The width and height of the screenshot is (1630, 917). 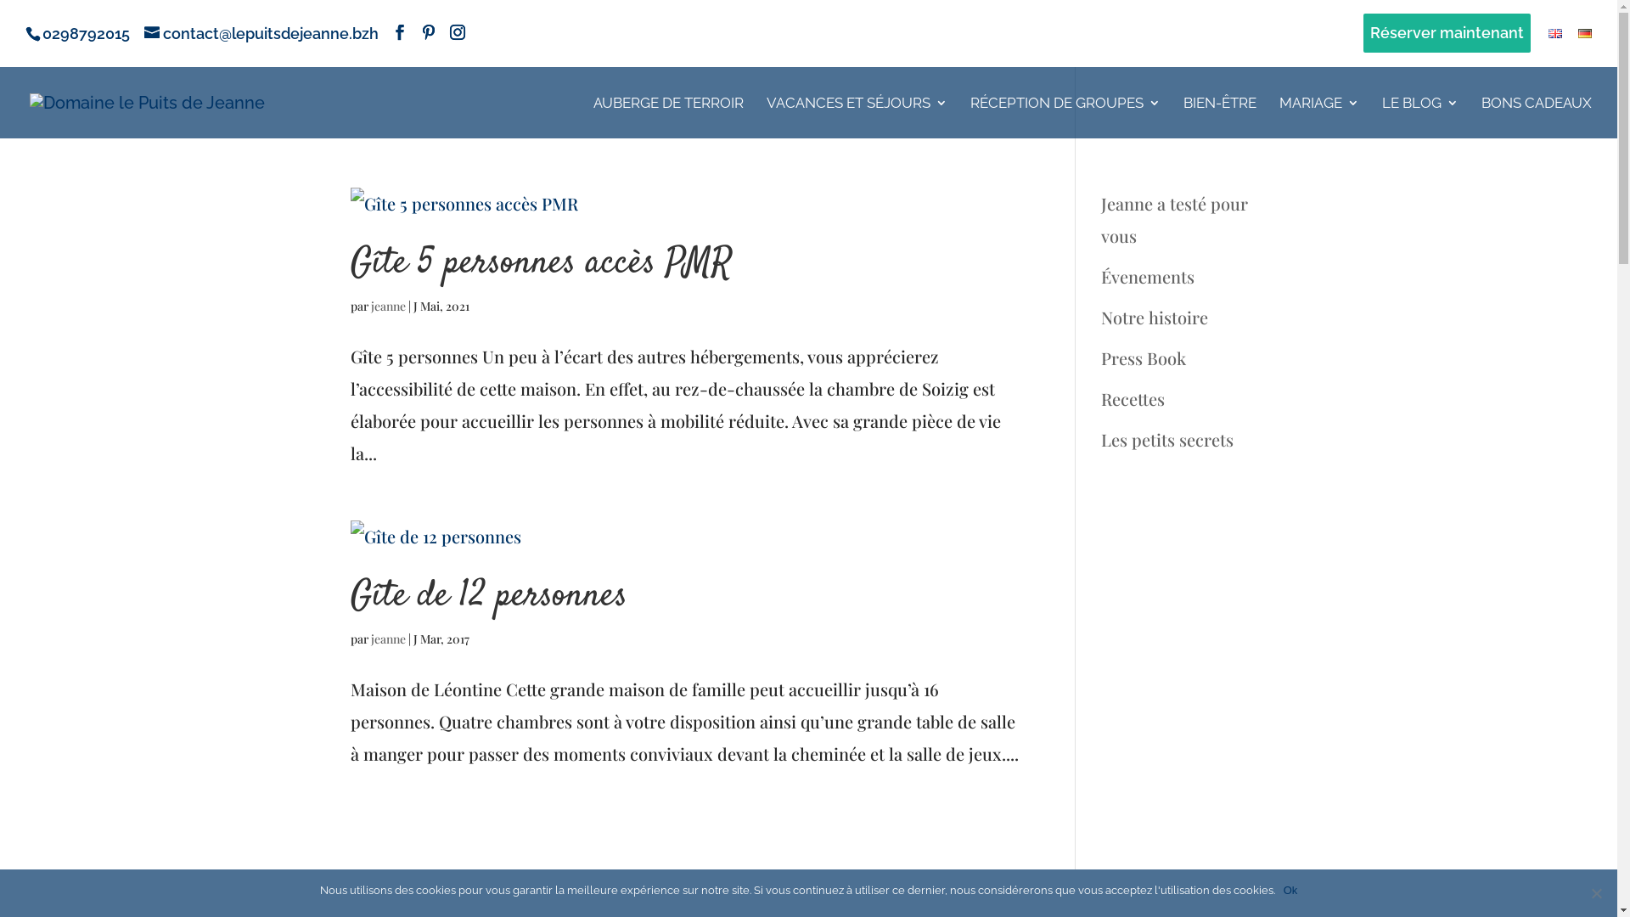 What do you see at coordinates (260, 32) in the screenshot?
I see `'contact@lepuitsdejeanne.bzh'` at bounding box center [260, 32].